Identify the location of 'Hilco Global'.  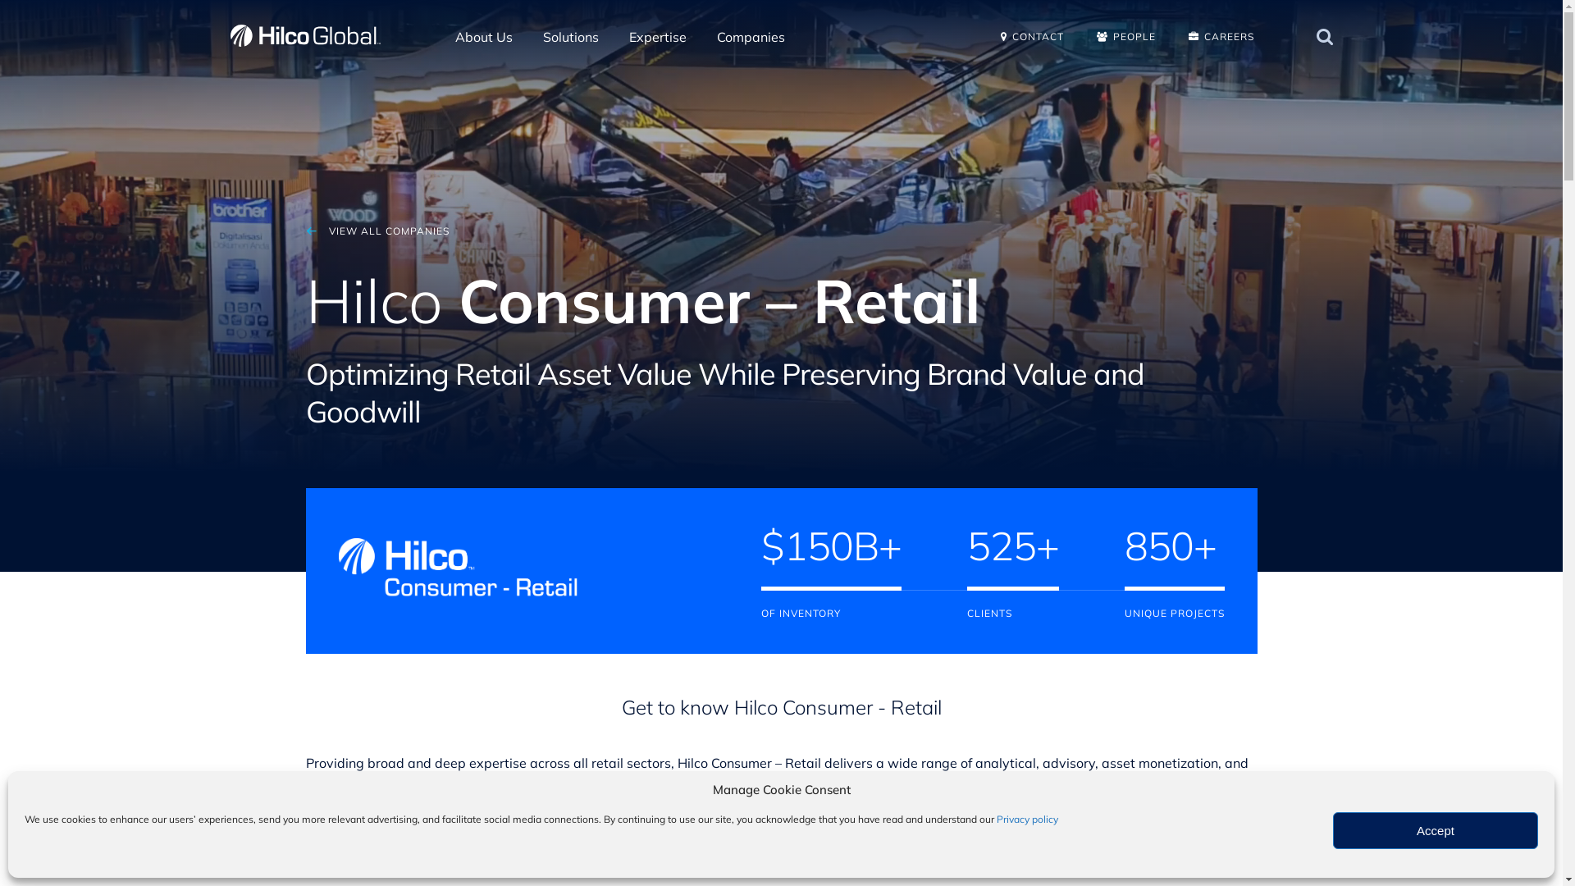
(228, 36).